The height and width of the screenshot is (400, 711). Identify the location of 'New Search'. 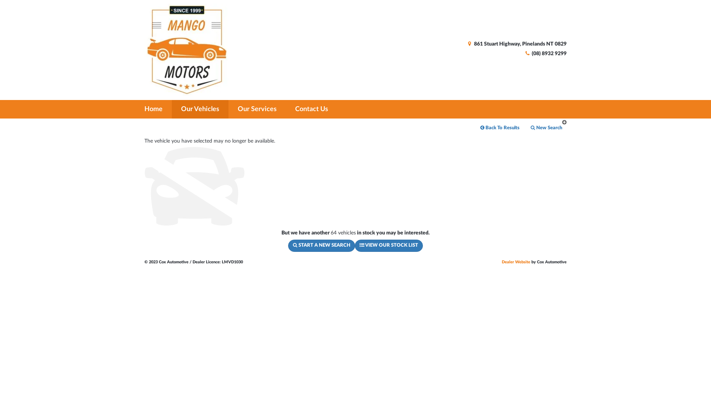
(524, 128).